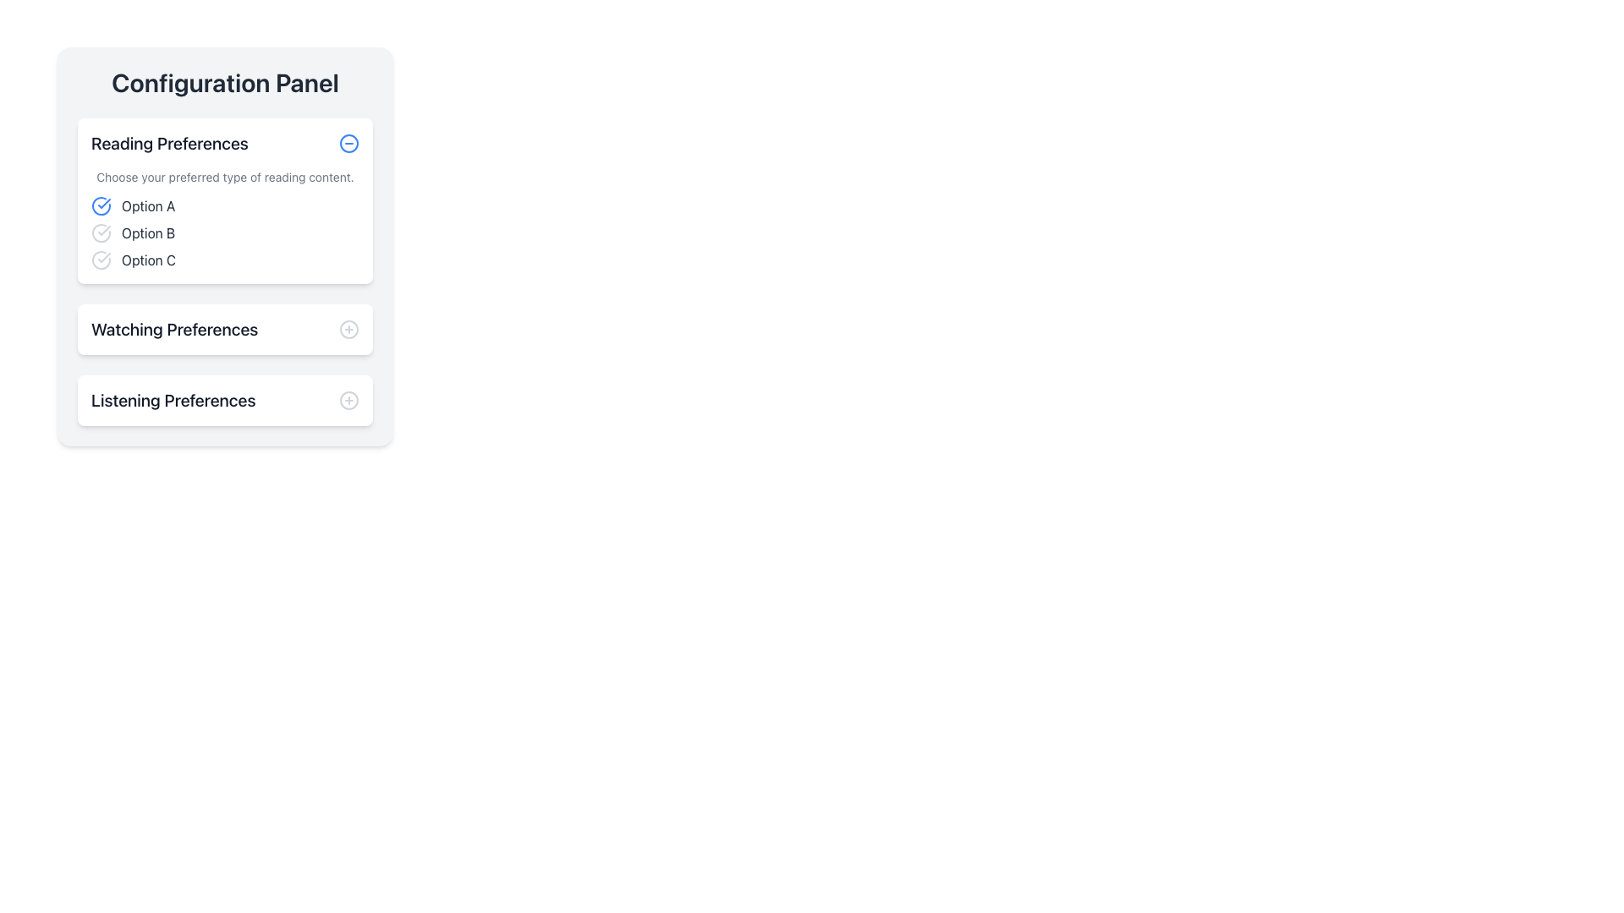 The width and height of the screenshot is (1624, 913). What do you see at coordinates (224, 177) in the screenshot?
I see `the text label that says 'Choose your preferred type of reading content.' located below the 'Reading Preferences' section title` at bounding box center [224, 177].